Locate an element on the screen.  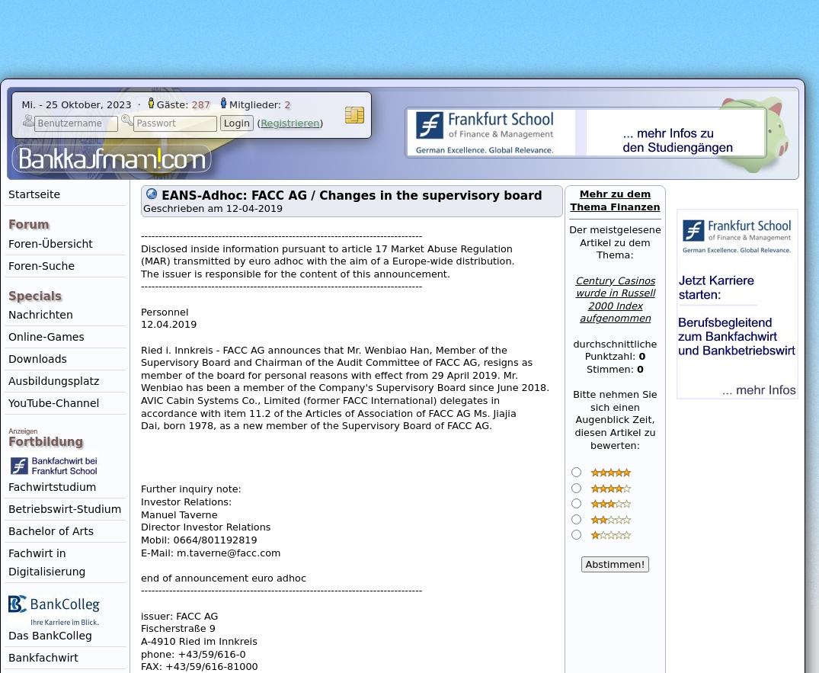
'A-4910 Ried im Innkreis' is located at coordinates (199, 640).